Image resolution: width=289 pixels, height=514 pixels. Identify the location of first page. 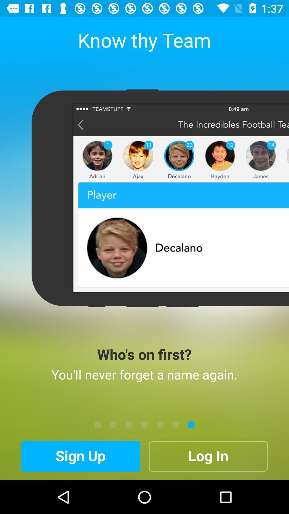
(97, 424).